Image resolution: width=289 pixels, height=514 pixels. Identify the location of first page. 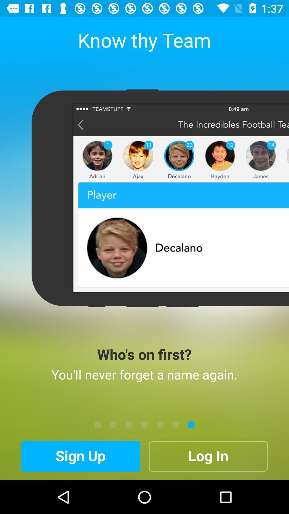
(97, 424).